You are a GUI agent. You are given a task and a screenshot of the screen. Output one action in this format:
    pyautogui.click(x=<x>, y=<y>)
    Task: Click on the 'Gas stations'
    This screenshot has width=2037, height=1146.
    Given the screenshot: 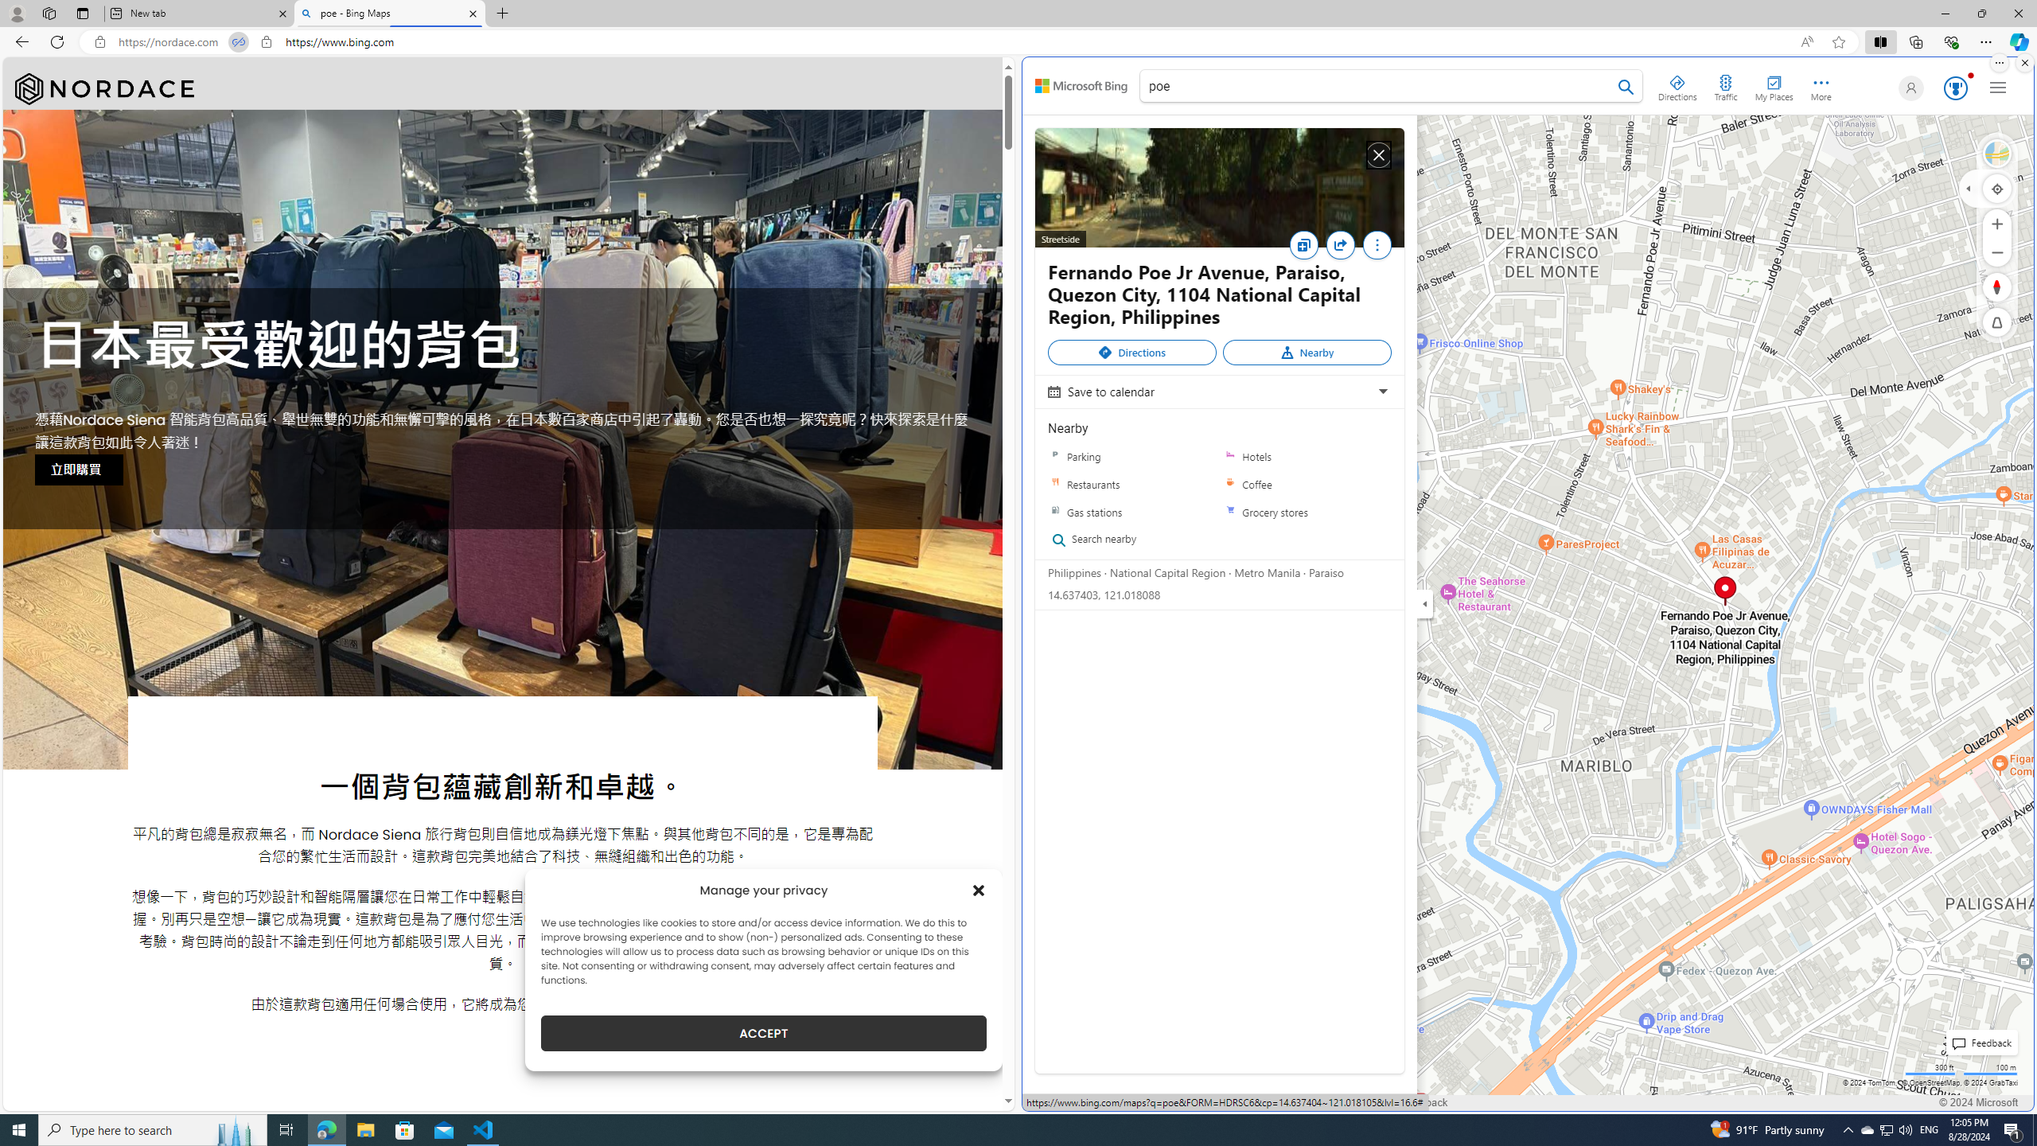 What is the action you would take?
    pyautogui.click(x=1131, y=512)
    